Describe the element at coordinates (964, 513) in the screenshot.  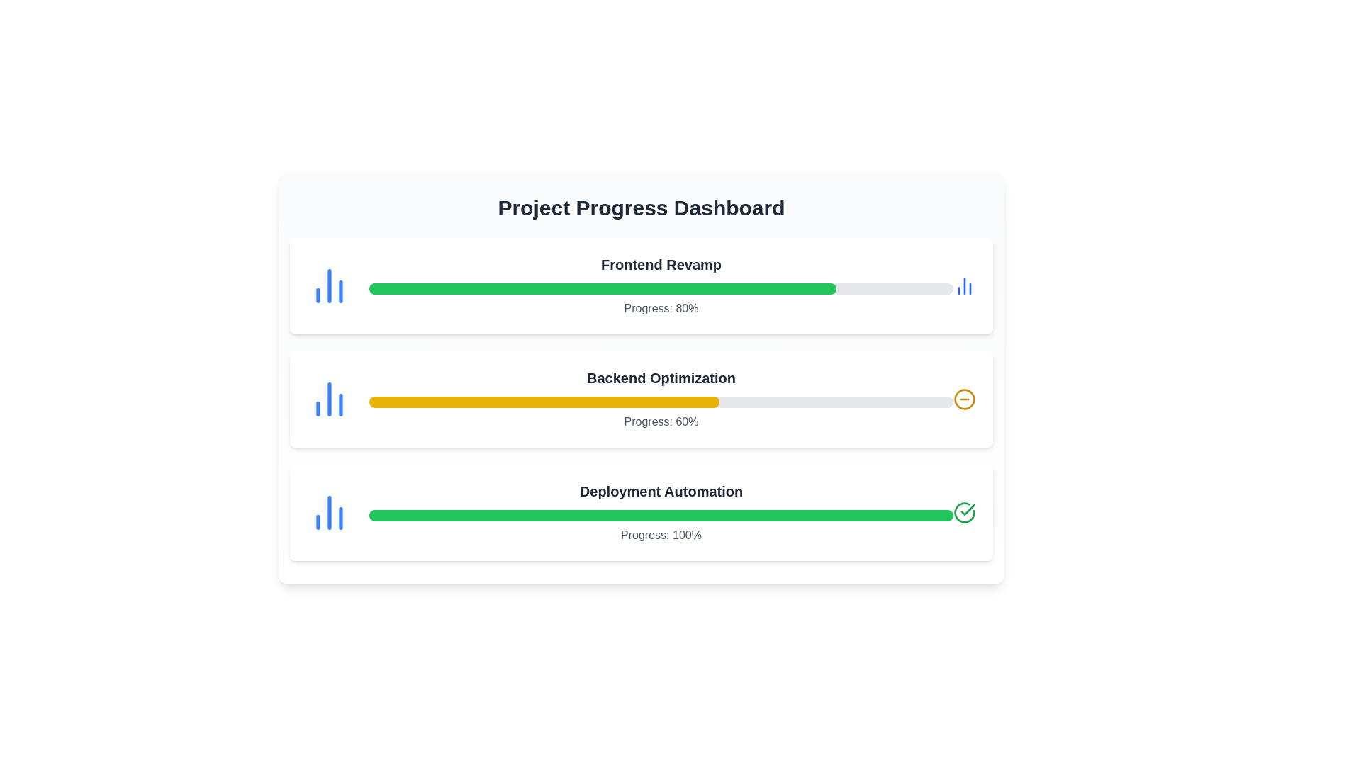
I see `the completion status icon for the 'Deployment Automation' task located at the far right end of the progress bar` at that location.